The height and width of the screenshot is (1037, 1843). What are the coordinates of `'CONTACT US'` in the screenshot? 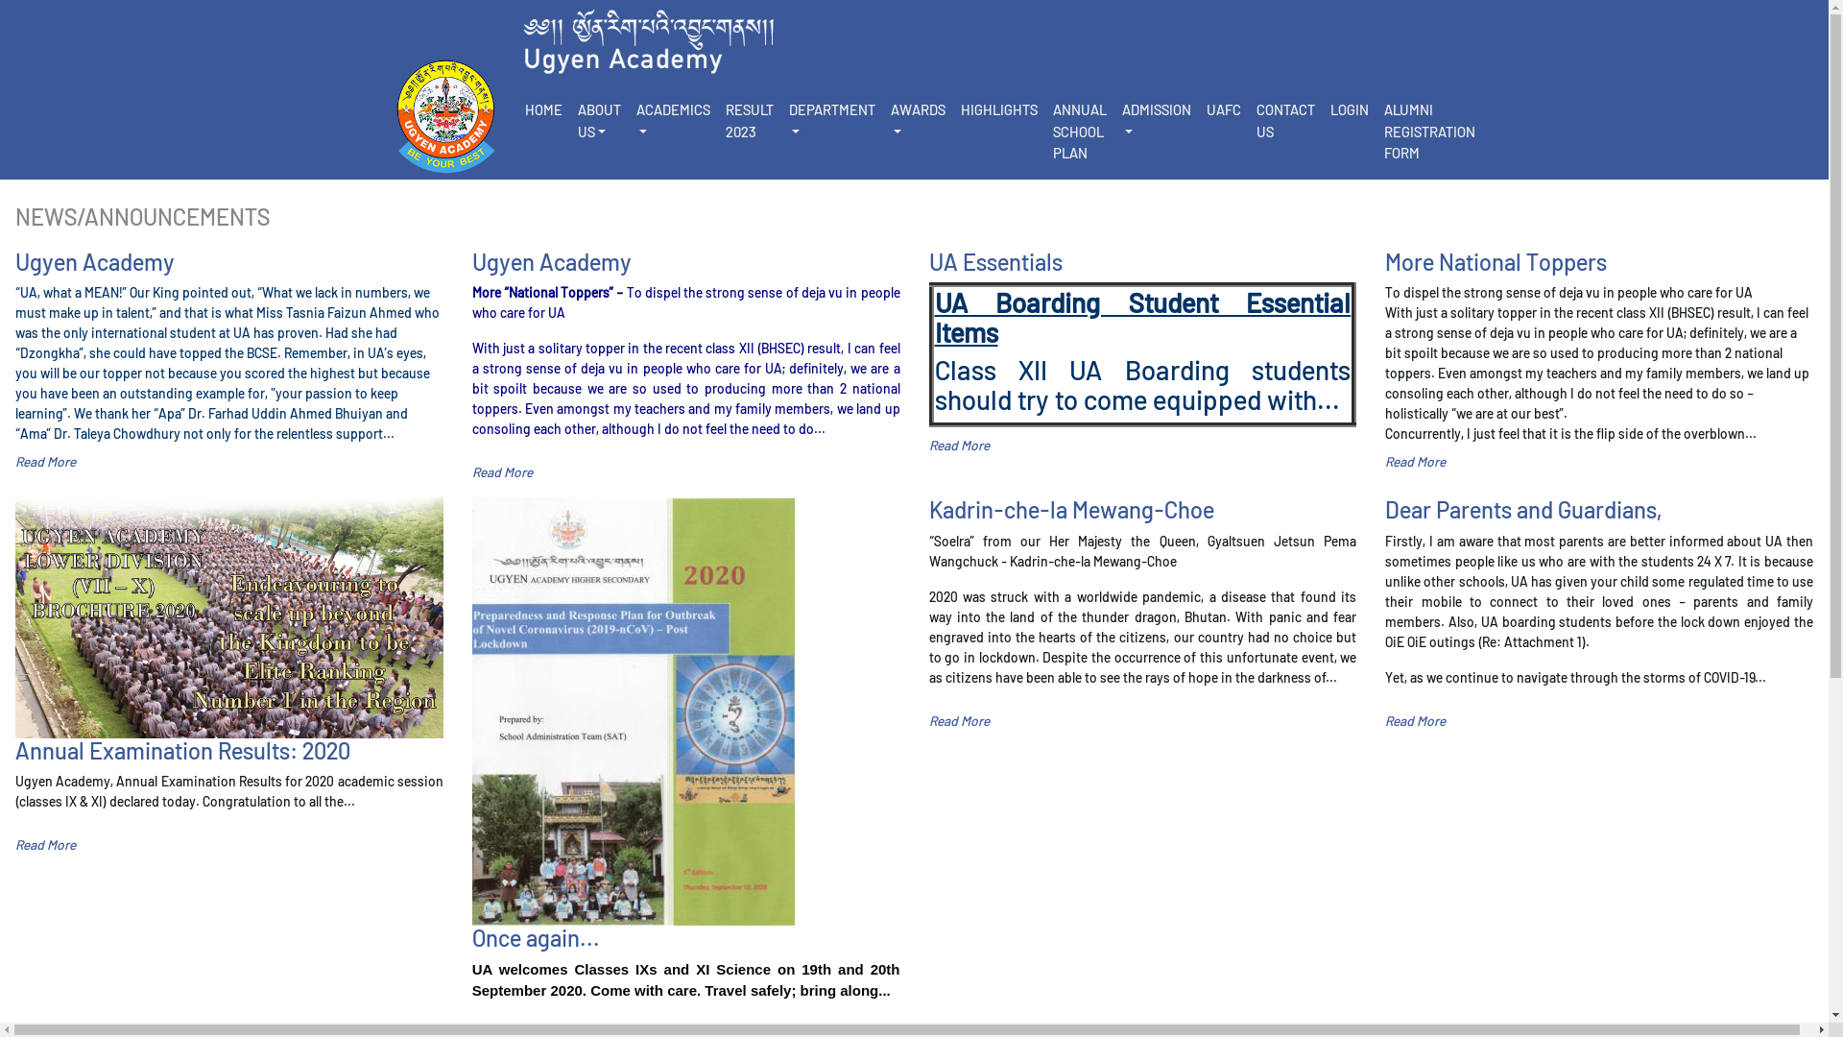 It's located at (1284, 120).